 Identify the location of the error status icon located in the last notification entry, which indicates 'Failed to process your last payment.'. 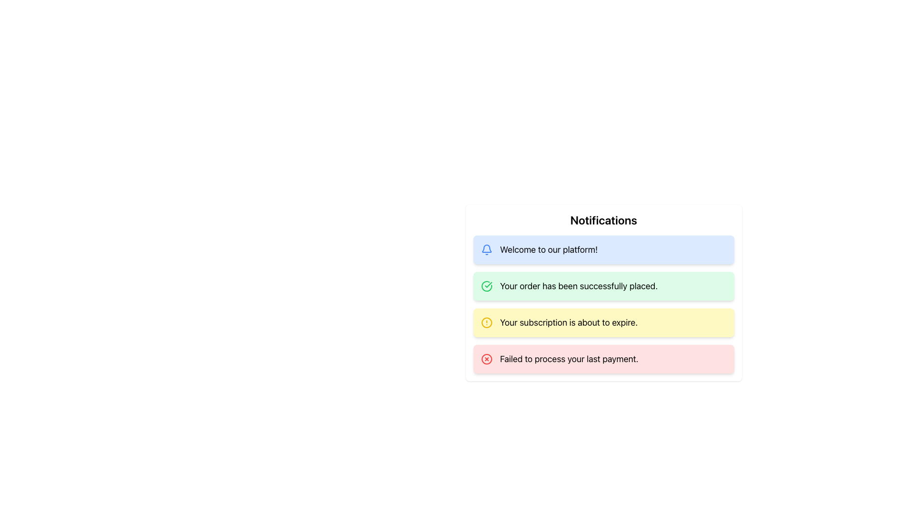
(486, 359).